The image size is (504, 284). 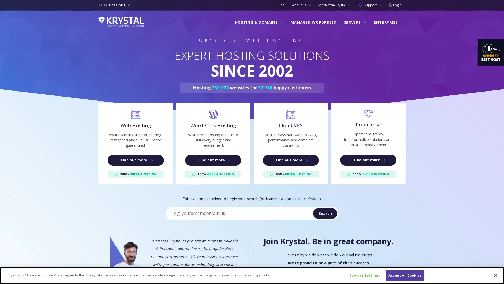 What do you see at coordinates (364, 275) in the screenshot?
I see `Cookies Settings` at bounding box center [364, 275].